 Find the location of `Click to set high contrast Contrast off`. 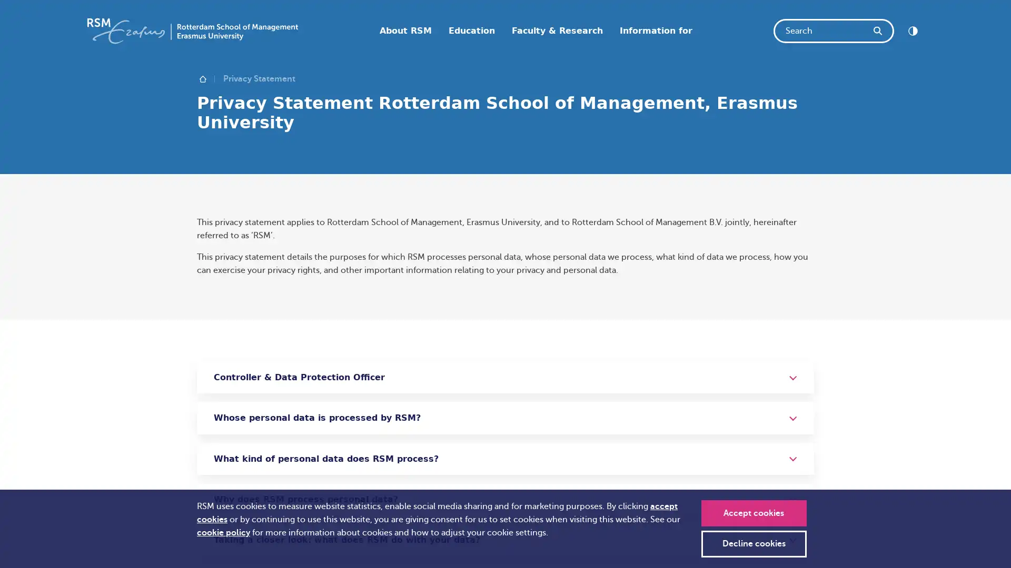

Click to set high contrast Contrast off is located at coordinates (912, 30).